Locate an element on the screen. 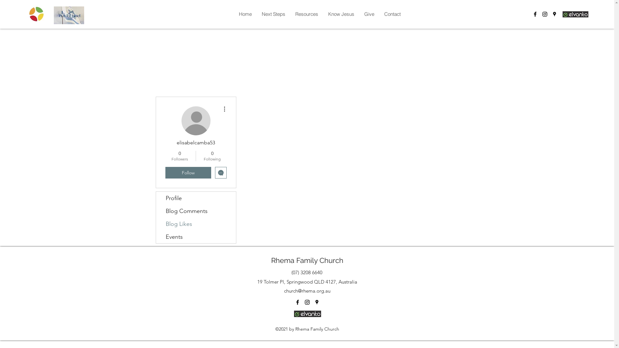  'Profile' is located at coordinates (196, 198).